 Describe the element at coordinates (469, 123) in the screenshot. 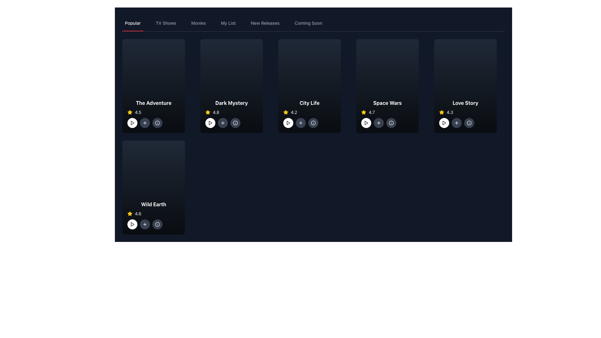

I see `the circular icon button containing an outlined exclamation mark symbol, which is the third icon button from the left in the bottom row of action buttons below the 'Space Wars' card` at that location.